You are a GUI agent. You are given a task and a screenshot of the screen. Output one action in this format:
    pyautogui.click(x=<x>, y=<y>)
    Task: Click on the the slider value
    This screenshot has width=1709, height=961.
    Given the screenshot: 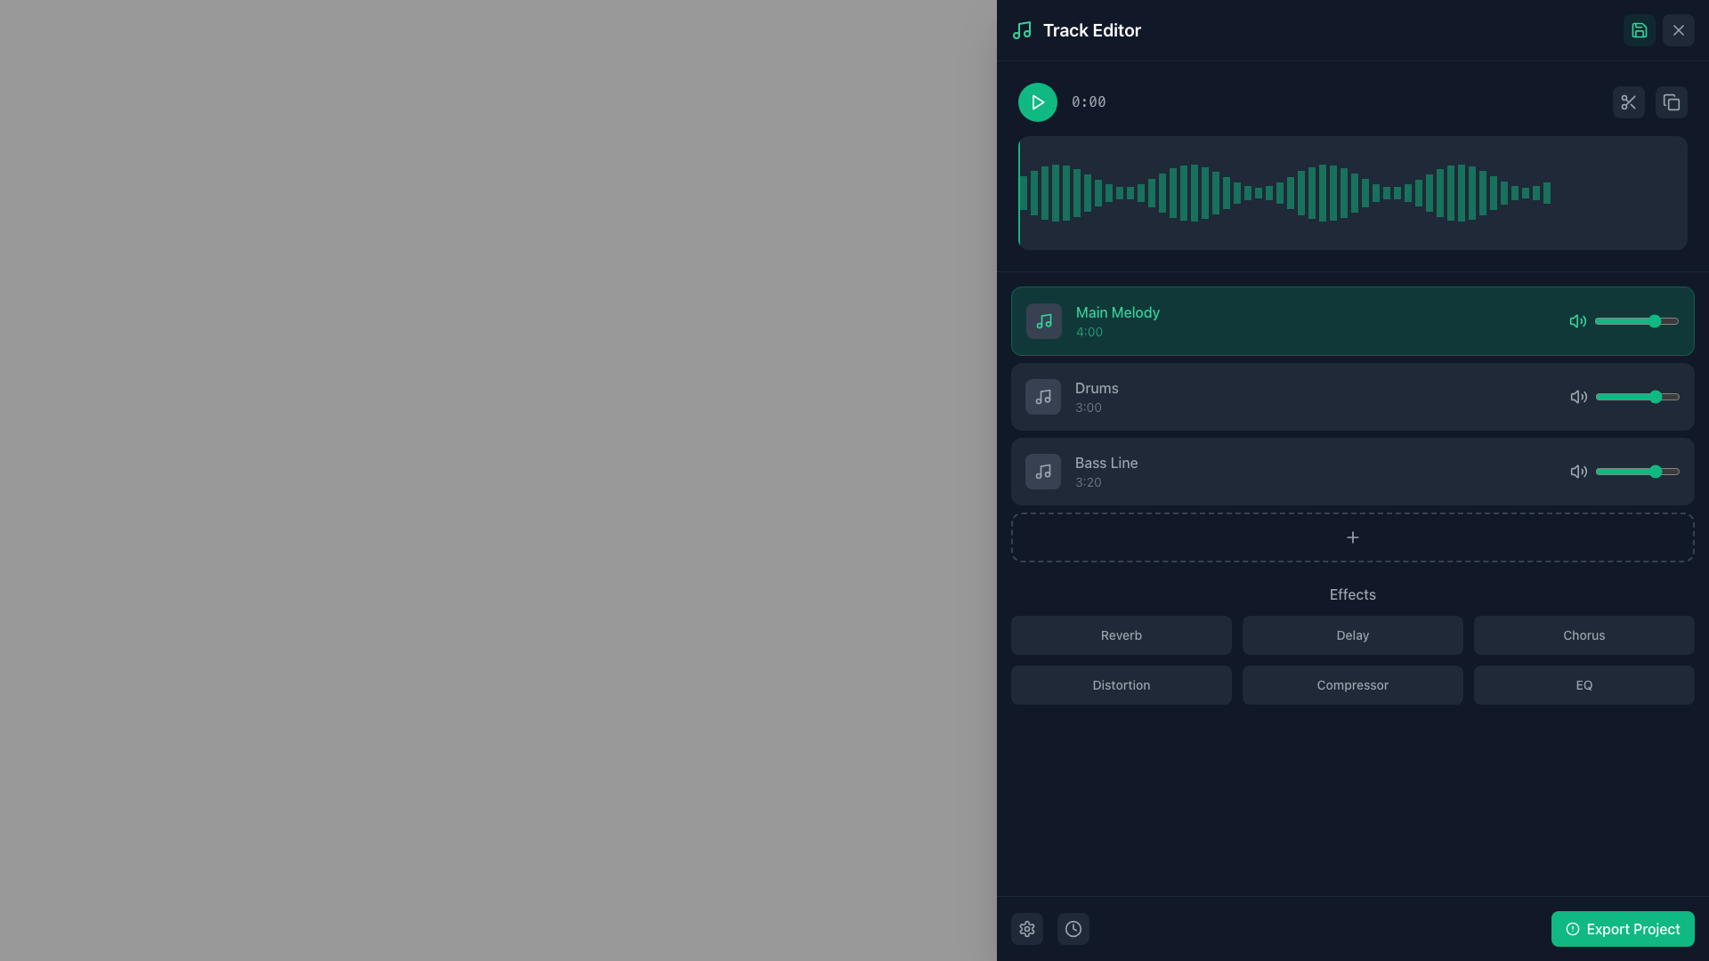 What is the action you would take?
    pyautogui.click(x=1657, y=470)
    